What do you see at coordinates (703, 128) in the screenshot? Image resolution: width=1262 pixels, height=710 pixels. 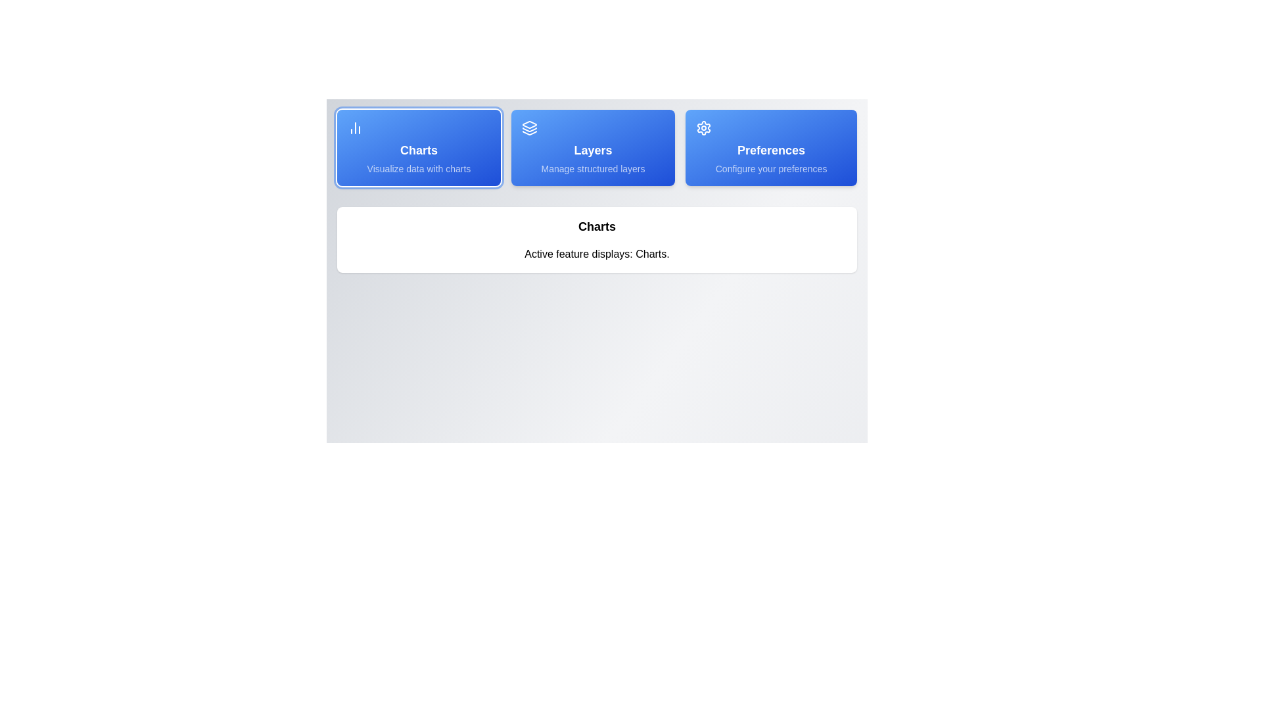 I see `the gear-like icon embedded in the 'Preferences' button in the top horizontal menu` at bounding box center [703, 128].